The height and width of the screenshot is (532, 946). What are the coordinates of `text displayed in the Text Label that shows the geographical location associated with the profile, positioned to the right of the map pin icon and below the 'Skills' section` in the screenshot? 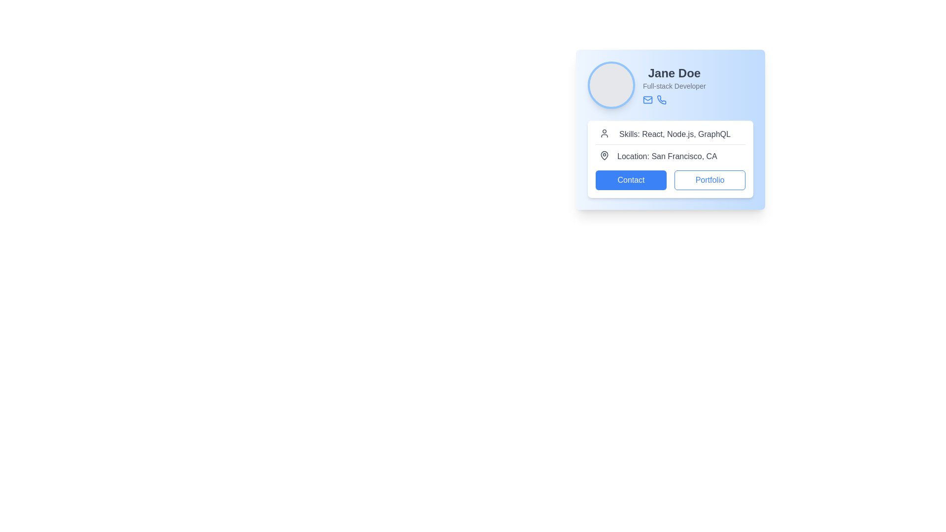 It's located at (667, 156).